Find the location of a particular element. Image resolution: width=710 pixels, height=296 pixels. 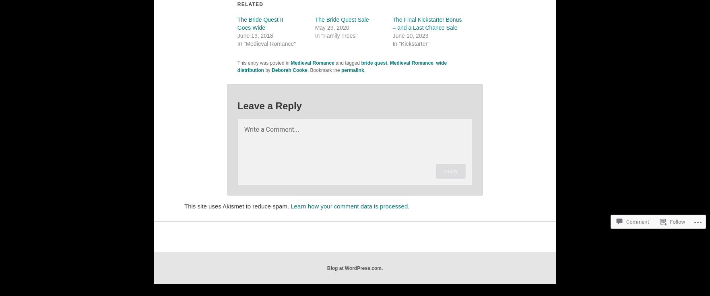

'Deborah Cooke' is located at coordinates (289, 69).